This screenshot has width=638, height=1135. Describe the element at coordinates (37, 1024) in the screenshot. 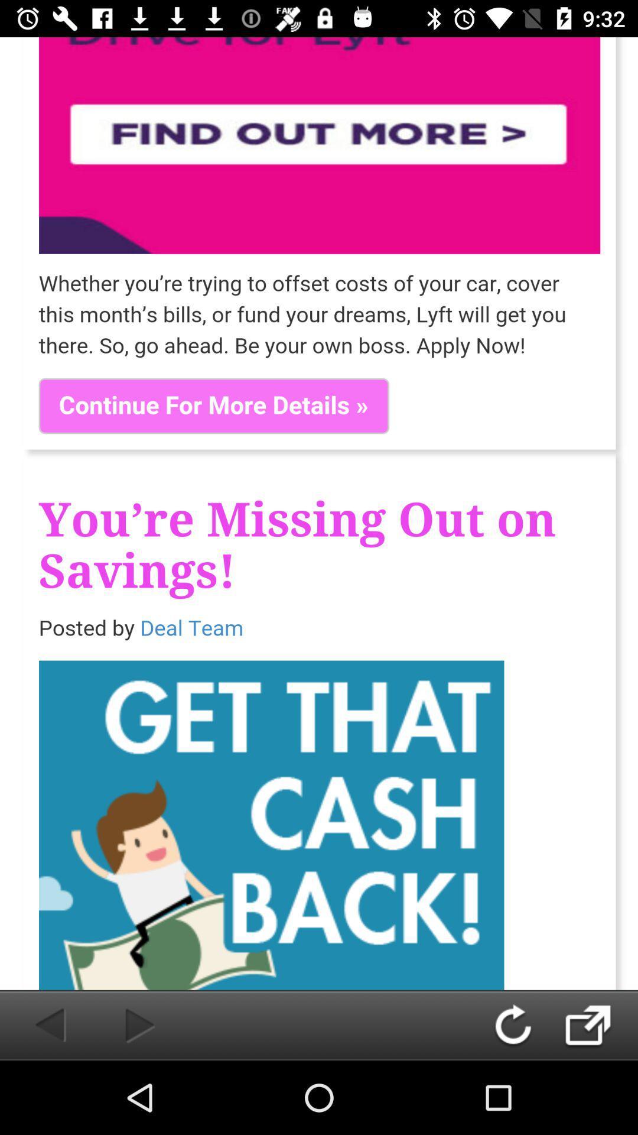

I see `go back` at that location.